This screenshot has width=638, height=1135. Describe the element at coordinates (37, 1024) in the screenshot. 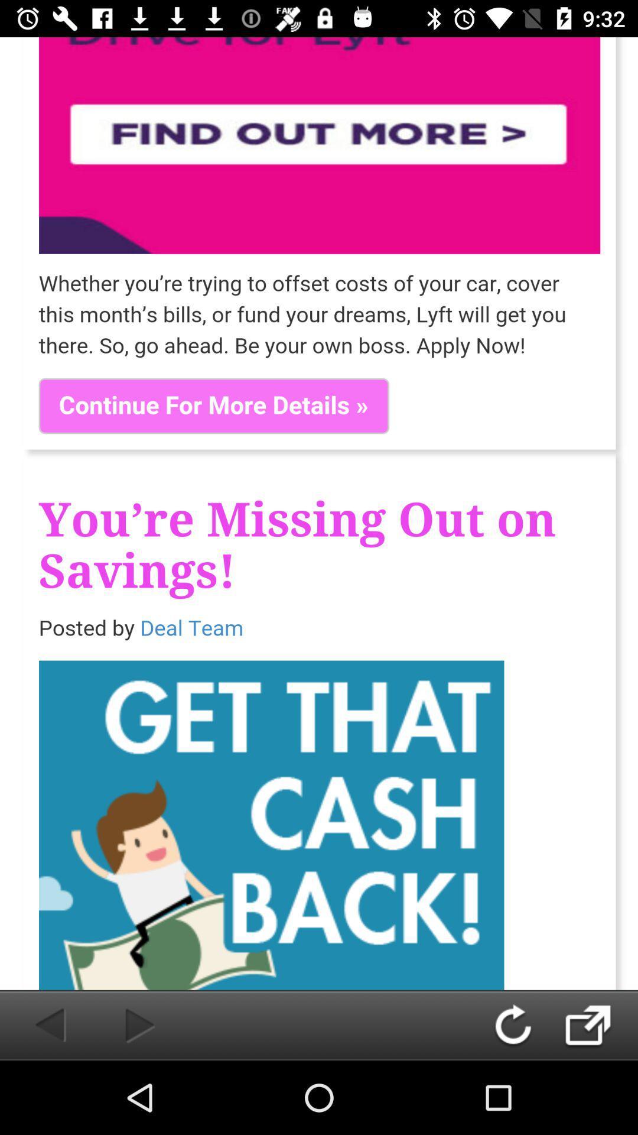

I see `go back` at that location.